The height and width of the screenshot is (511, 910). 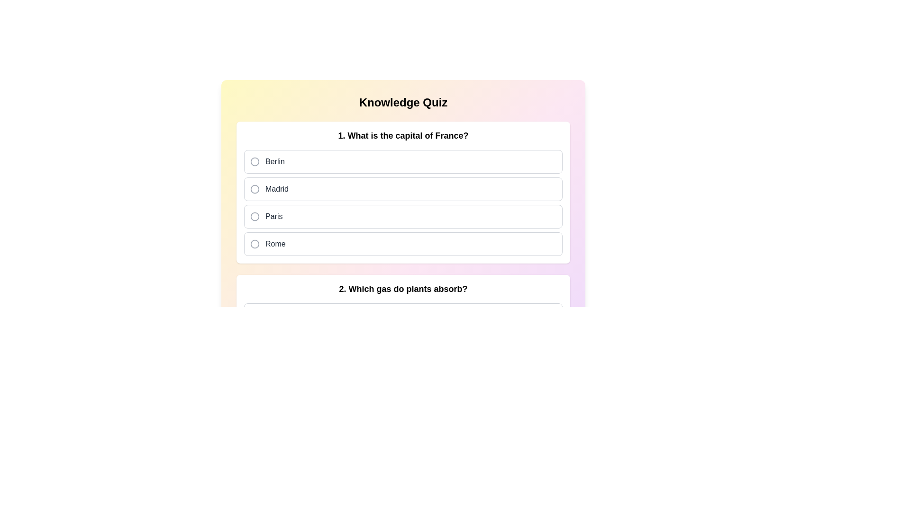 I want to click on the radio button for the 'Paris' selectable option in the quiz, so click(x=403, y=217).